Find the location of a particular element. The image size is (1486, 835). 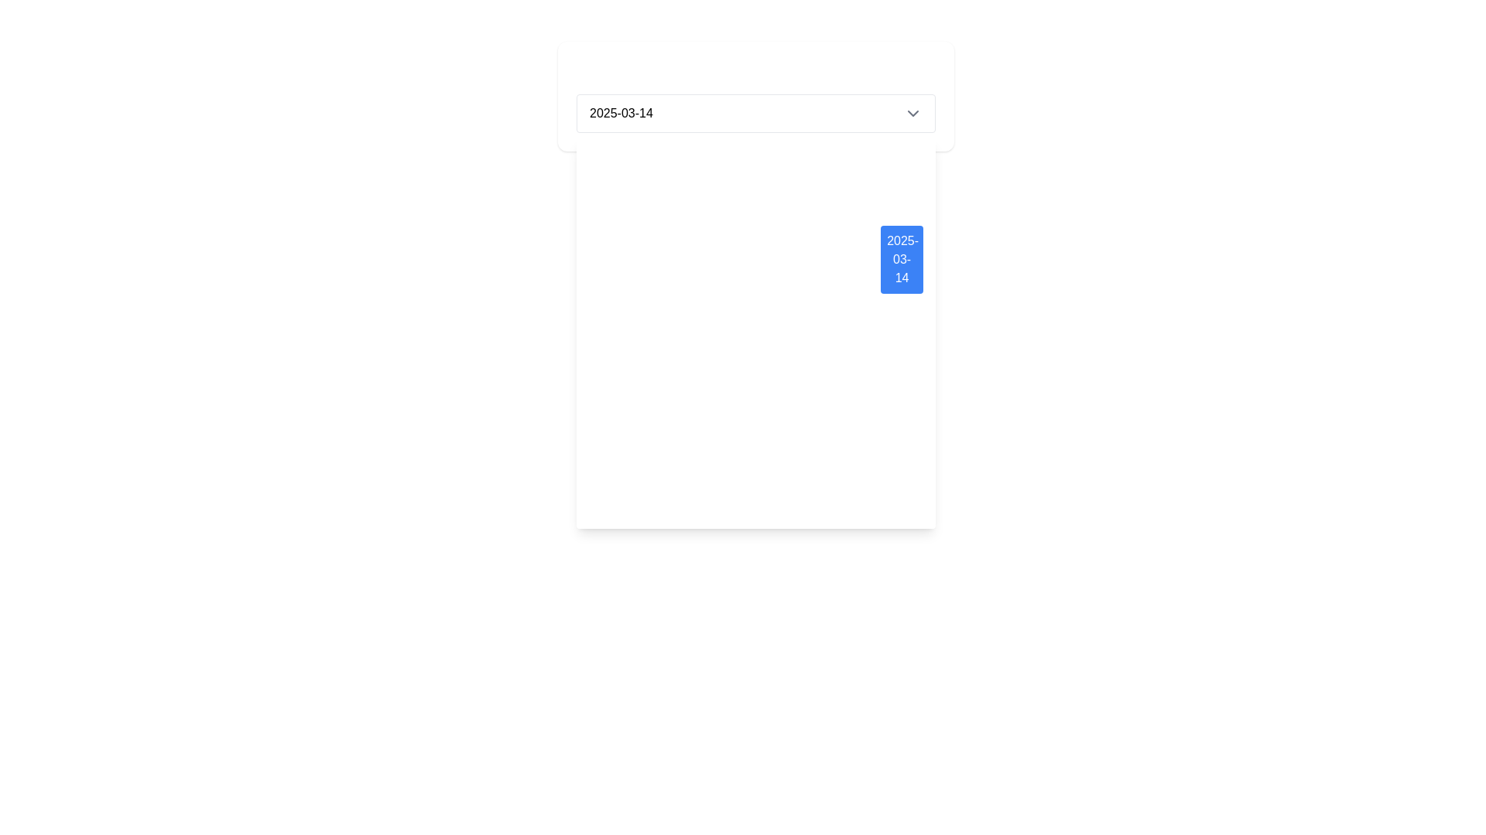

the date dropdown selector displaying '2025-03-14' is located at coordinates (756, 112).